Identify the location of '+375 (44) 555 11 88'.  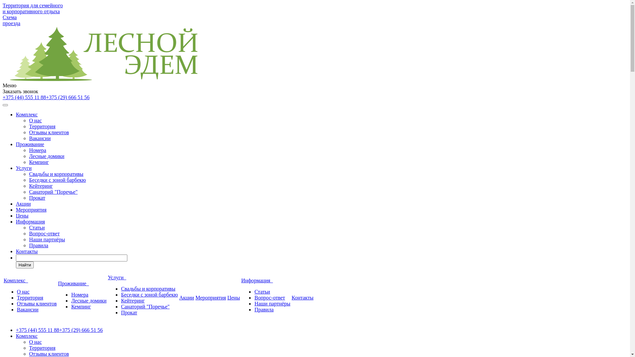
(3, 97).